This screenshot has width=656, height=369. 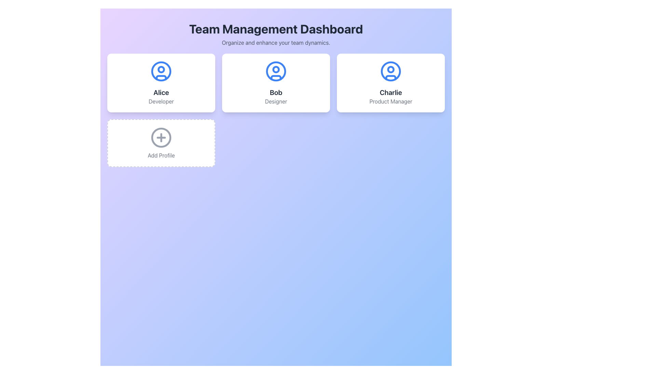 I want to click on the heading text element located at the top center of the page, which indicates the title of the section, so click(x=276, y=28).